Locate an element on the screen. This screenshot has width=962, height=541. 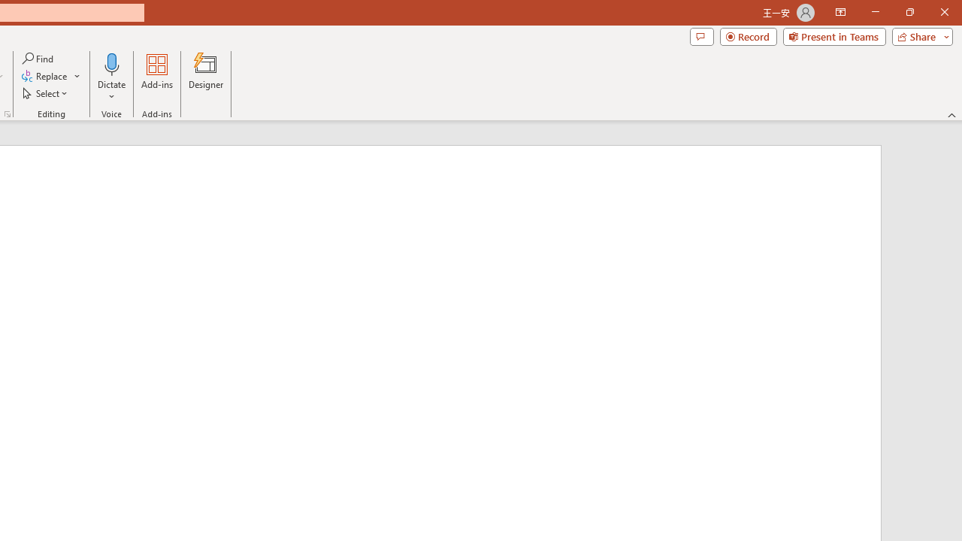
'Select' is located at coordinates (46, 93).